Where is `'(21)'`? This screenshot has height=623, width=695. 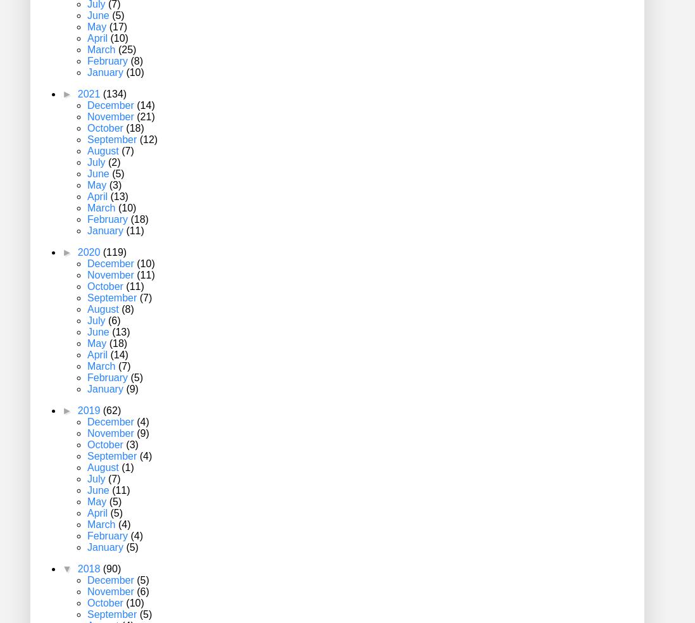
'(21)' is located at coordinates (145, 116).